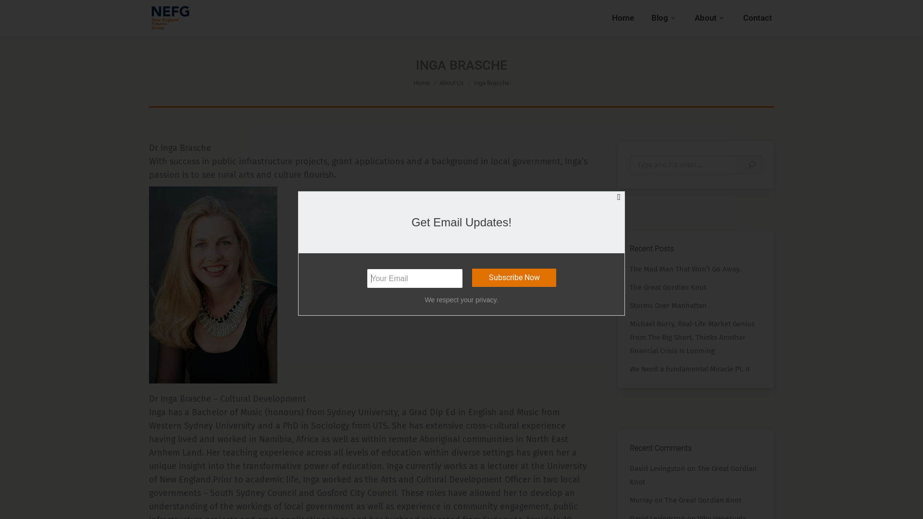  What do you see at coordinates (737, 164) in the screenshot?
I see `'Go!'` at bounding box center [737, 164].